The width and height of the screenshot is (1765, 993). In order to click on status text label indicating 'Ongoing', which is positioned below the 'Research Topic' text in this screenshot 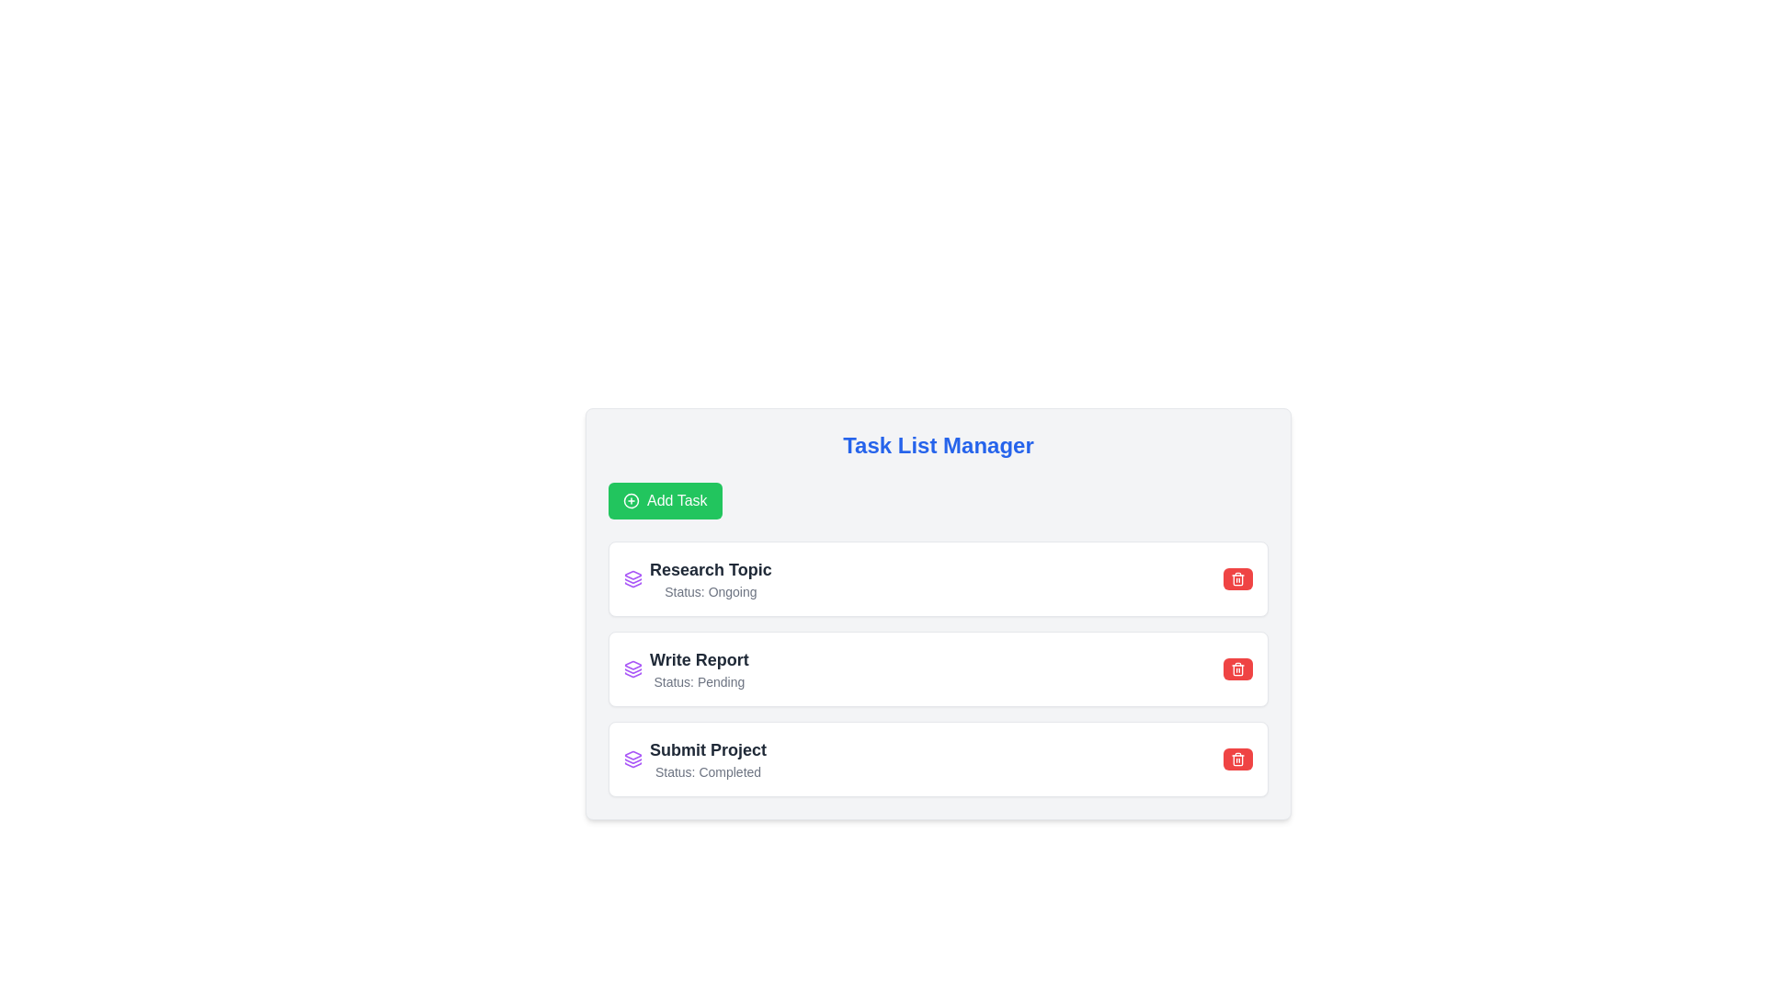, I will do `click(710, 592)`.